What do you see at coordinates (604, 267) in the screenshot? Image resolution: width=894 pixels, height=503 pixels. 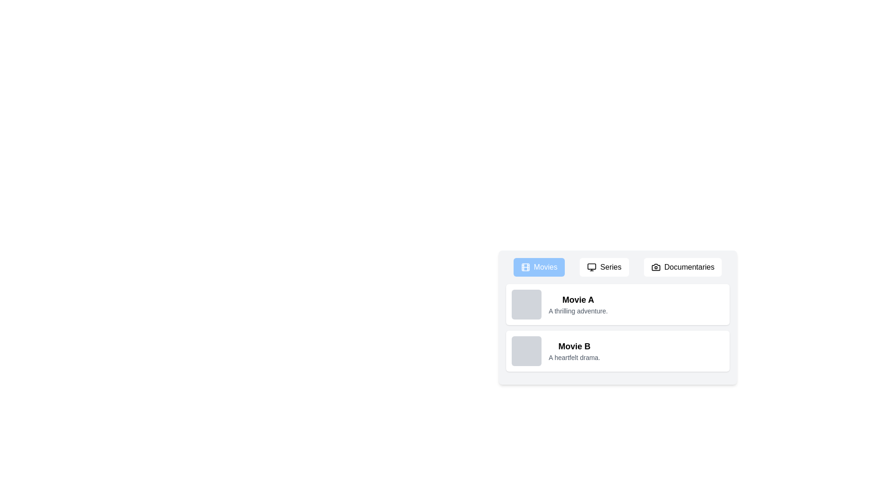 I see `the Series tab by clicking its button` at bounding box center [604, 267].